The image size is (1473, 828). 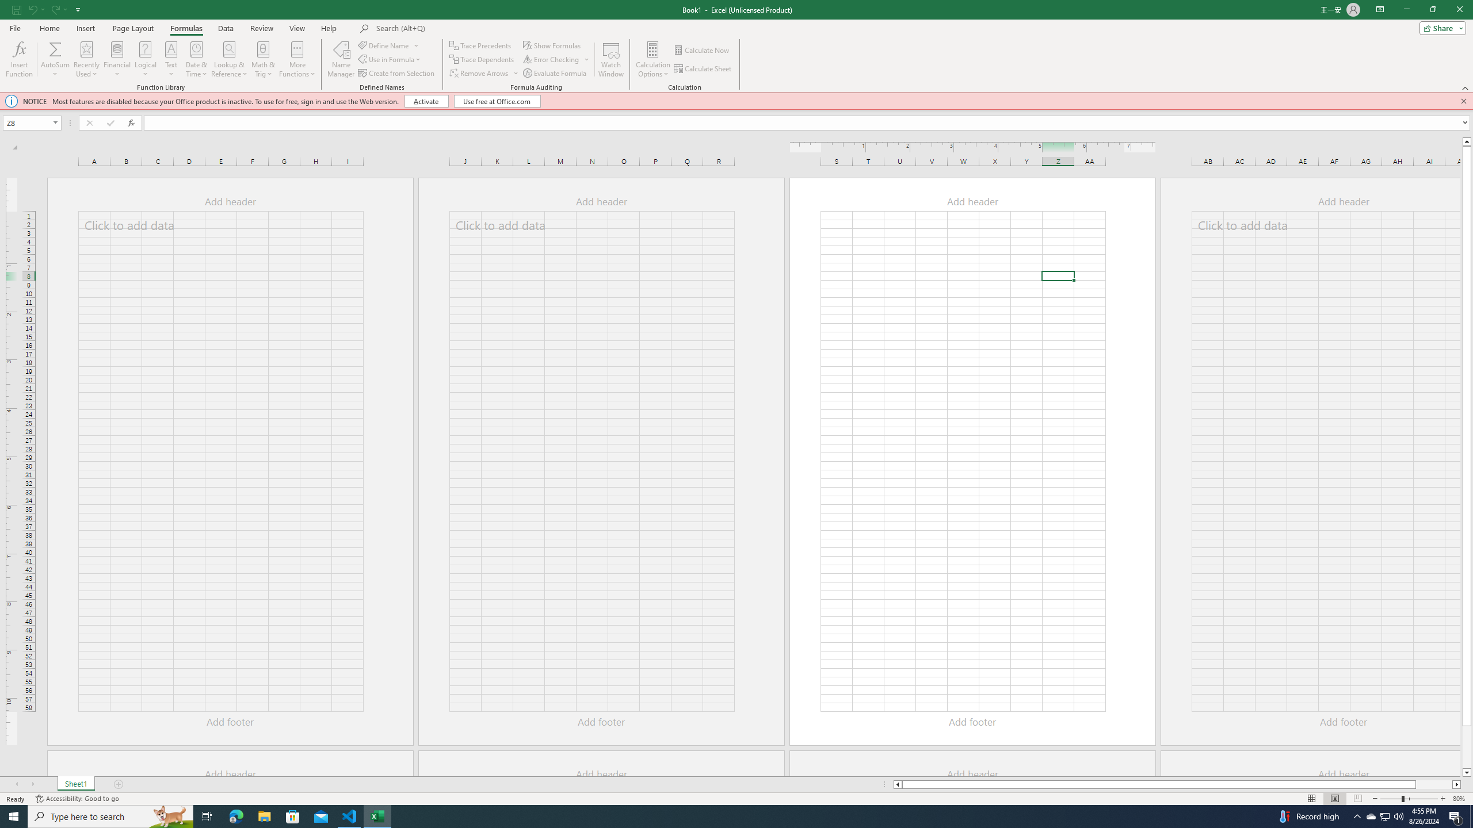 What do you see at coordinates (340, 59) in the screenshot?
I see `'Name Manager'` at bounding box center [340, 59].